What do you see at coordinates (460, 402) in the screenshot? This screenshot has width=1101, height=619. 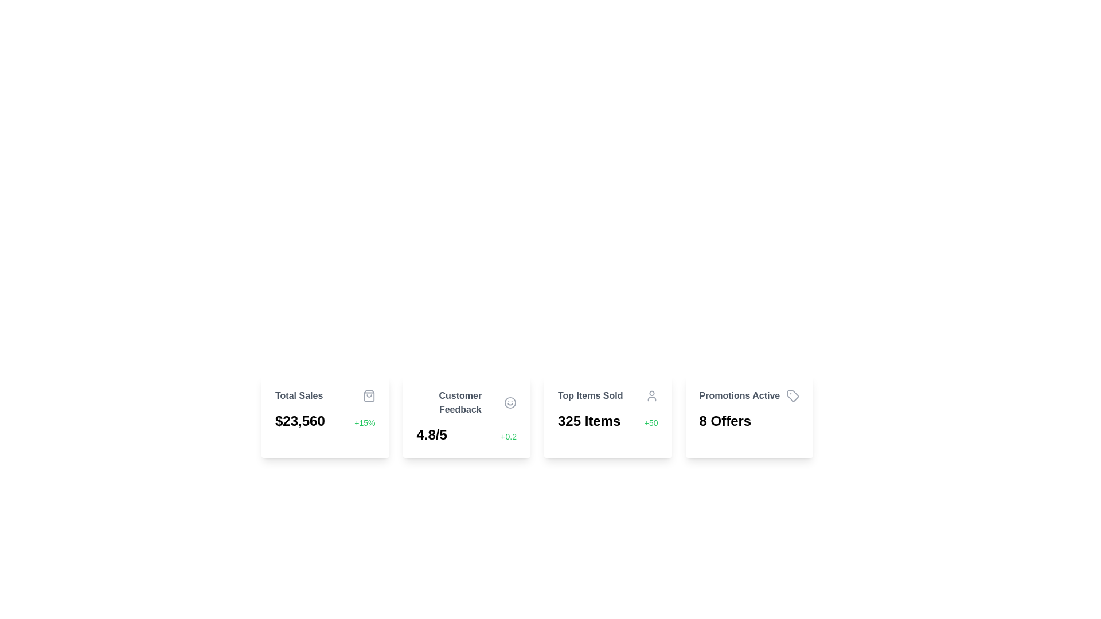 I see `the 'Customer Feedback' text label, which is displayed in dark gray bold font in the second card from the left, above the 4.8/5 rating` at bounding box center [460, 402].